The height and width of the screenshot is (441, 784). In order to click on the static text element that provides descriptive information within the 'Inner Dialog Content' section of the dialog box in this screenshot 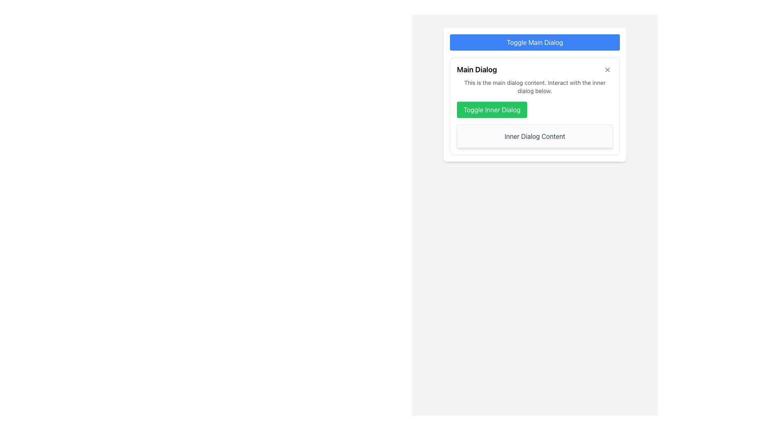, I will do `click(535, 136)`.